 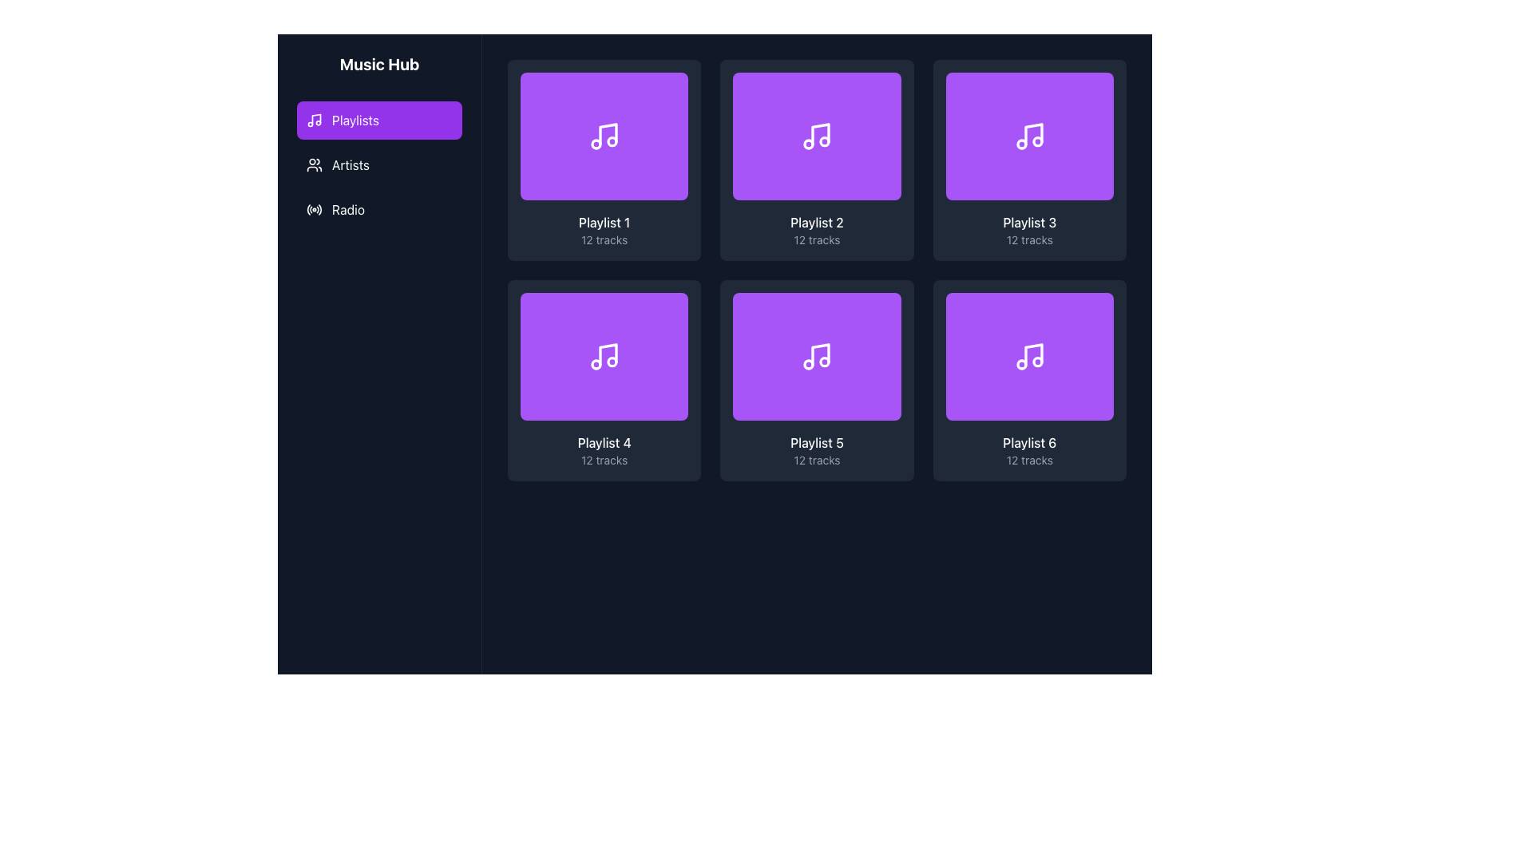 What do you see at coordinates (596, 364) in the screenshot?
I see `the filled circular shape located in the bottom-left area of the music note icon within the thumbnail for 'Playlist 4'` at bounding box center [596, 364].